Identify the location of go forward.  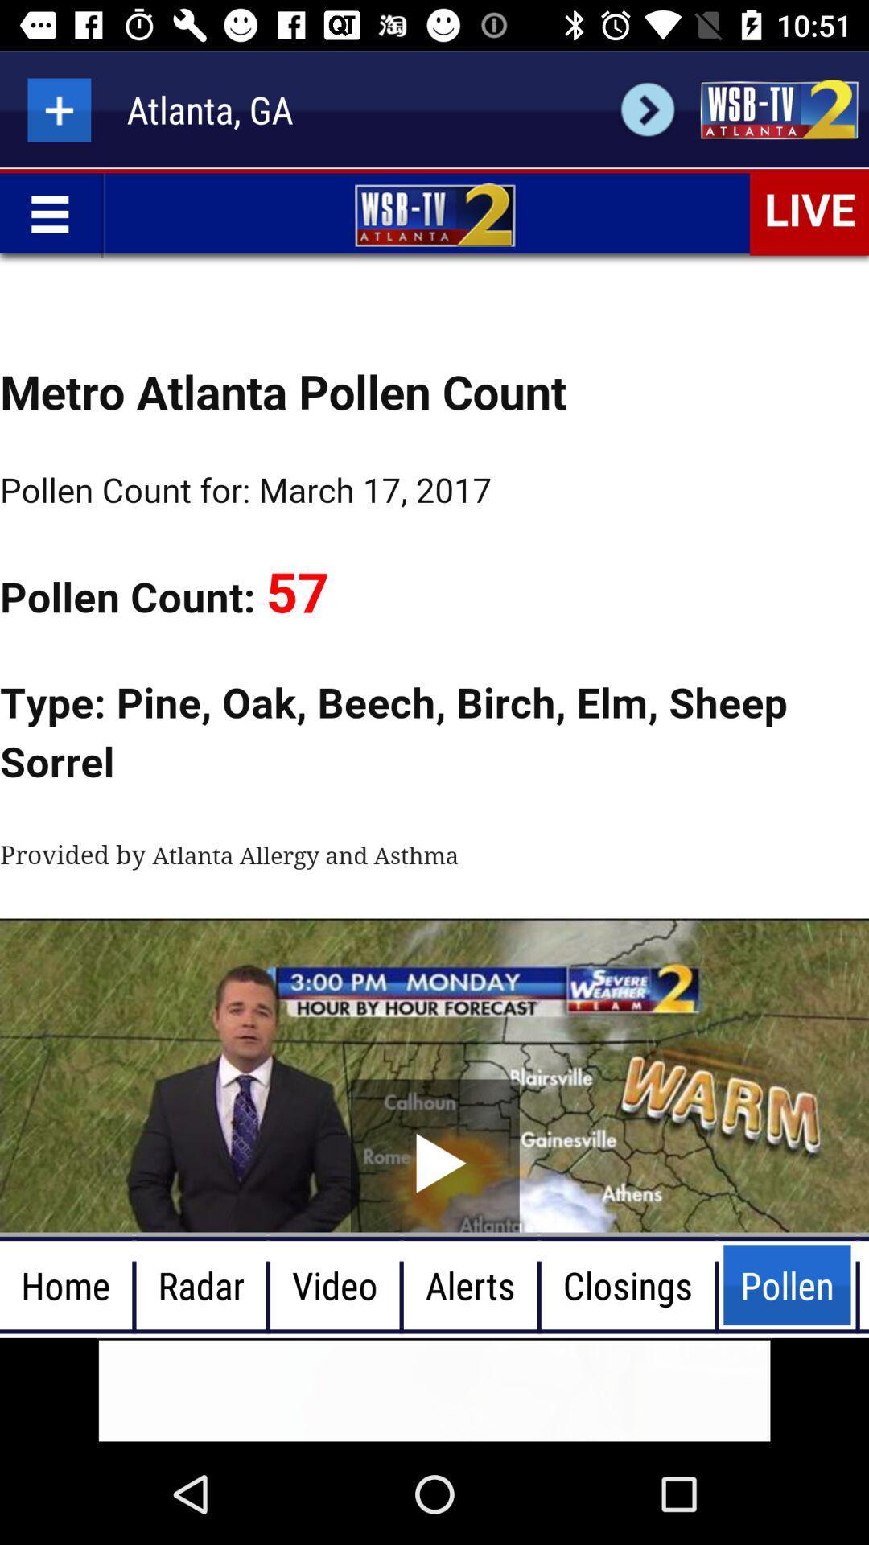
(647, 109).